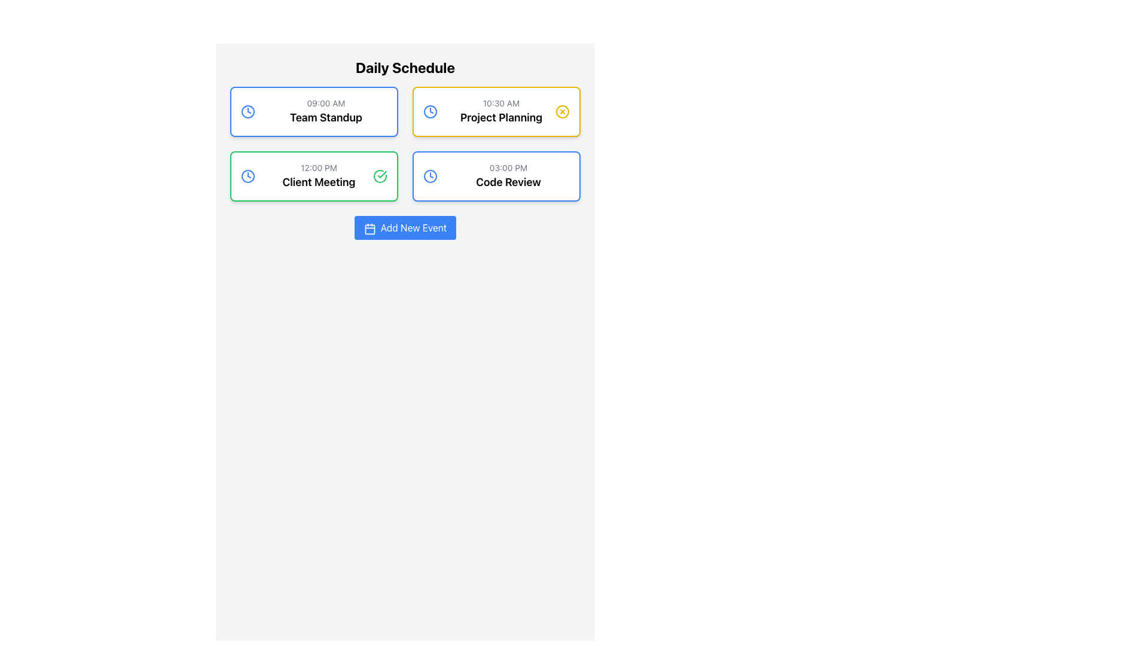 The height and width of the screenshot is (646, 1148). I want to click on the text-based informational content that indicates the time and title of the event 'Project Planning' scheduled at '10:30 AM', located in the second card on the top row of the schedule grid with a yellow border, so click(501, 111).